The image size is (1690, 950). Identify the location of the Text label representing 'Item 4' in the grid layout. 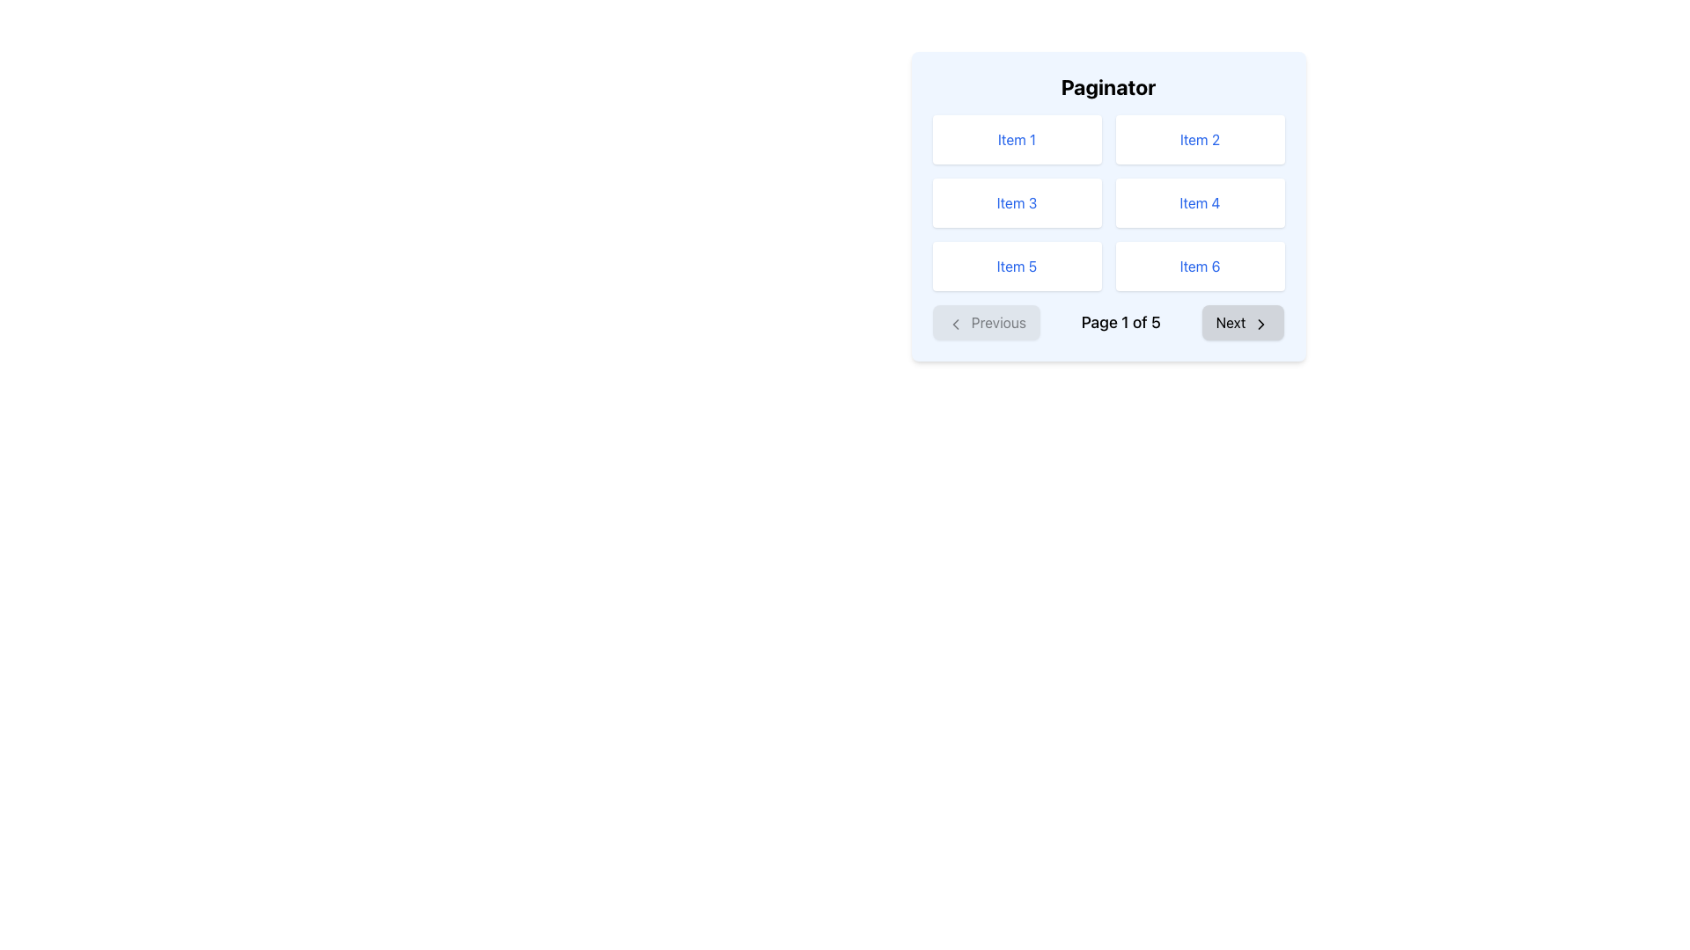
(1199, 202).